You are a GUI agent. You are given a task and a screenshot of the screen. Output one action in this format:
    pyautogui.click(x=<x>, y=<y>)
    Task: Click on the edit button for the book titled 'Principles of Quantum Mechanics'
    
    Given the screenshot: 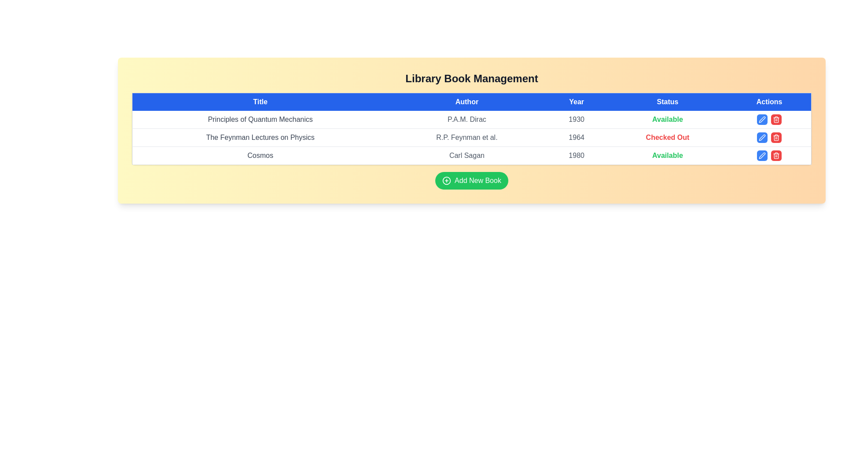 What is the action you would take?
    pyautogui.click(x=762, y=120)
    